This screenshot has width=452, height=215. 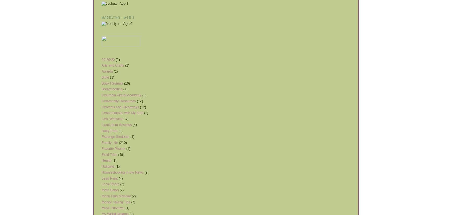 I want to click on 'Breastfeeding', so click(x=112, y=89).